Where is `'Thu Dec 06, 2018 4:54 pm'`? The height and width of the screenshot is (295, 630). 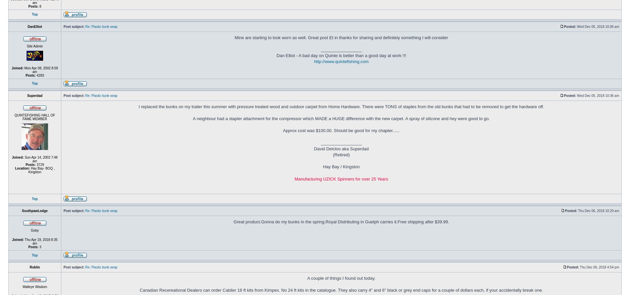 'Thu Dec 06, 2018 4:54 pm' is located at coordinates (599, 267).